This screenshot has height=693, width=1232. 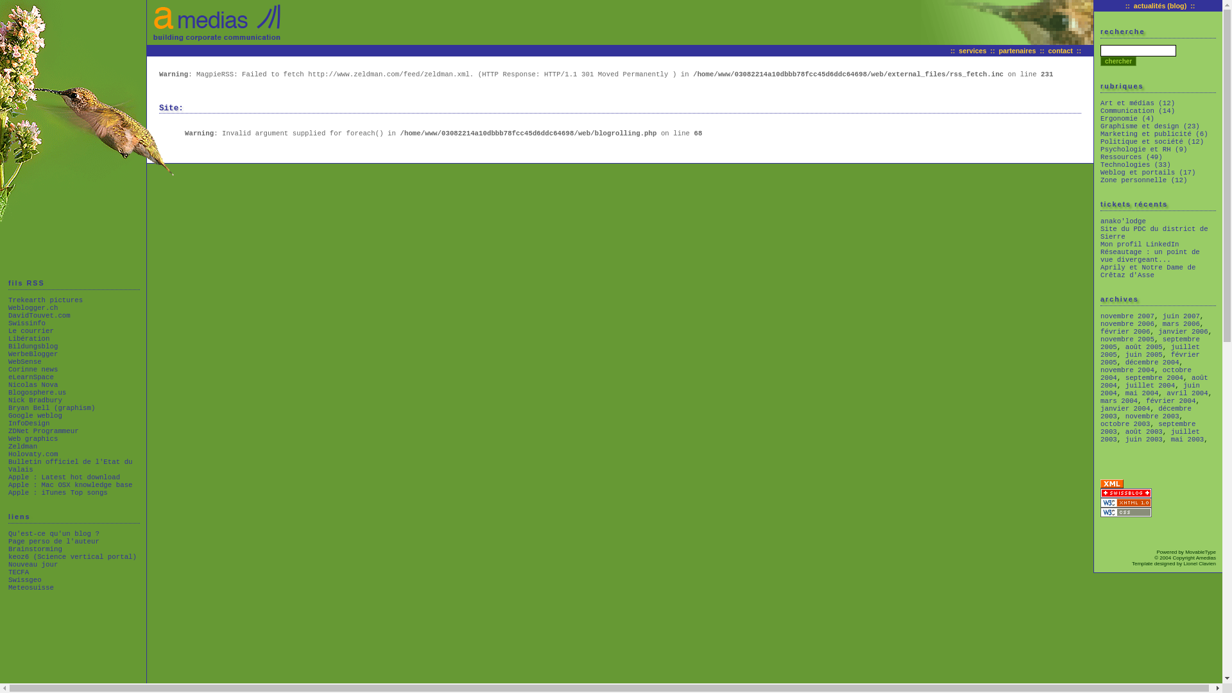 What do you see at coordinates (1099, 400) in the screenshot?
I see `'mars 2004'` at bounding box center [1099, 400].